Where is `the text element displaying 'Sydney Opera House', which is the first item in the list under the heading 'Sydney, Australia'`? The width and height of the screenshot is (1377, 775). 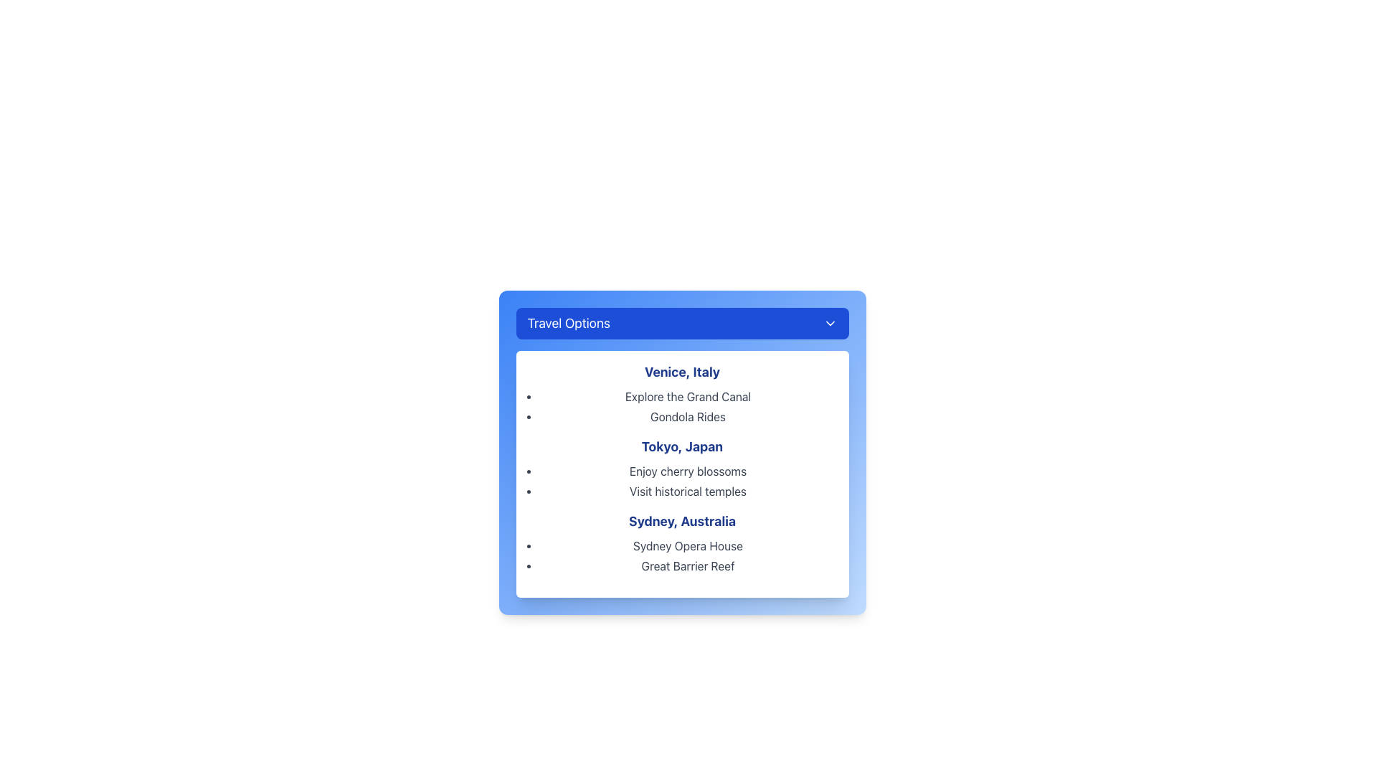
the text element displaying 'Sydney Opera House', which is the first item in the list under the heading 'Sydney, Australia' is located at coordinates (687, 545).